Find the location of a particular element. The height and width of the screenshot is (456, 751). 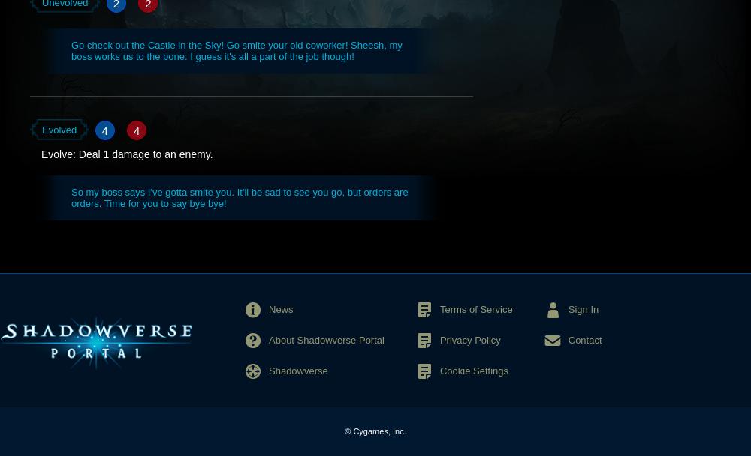

'© Cygames, Inc.' is located at coordinates (344, 430).